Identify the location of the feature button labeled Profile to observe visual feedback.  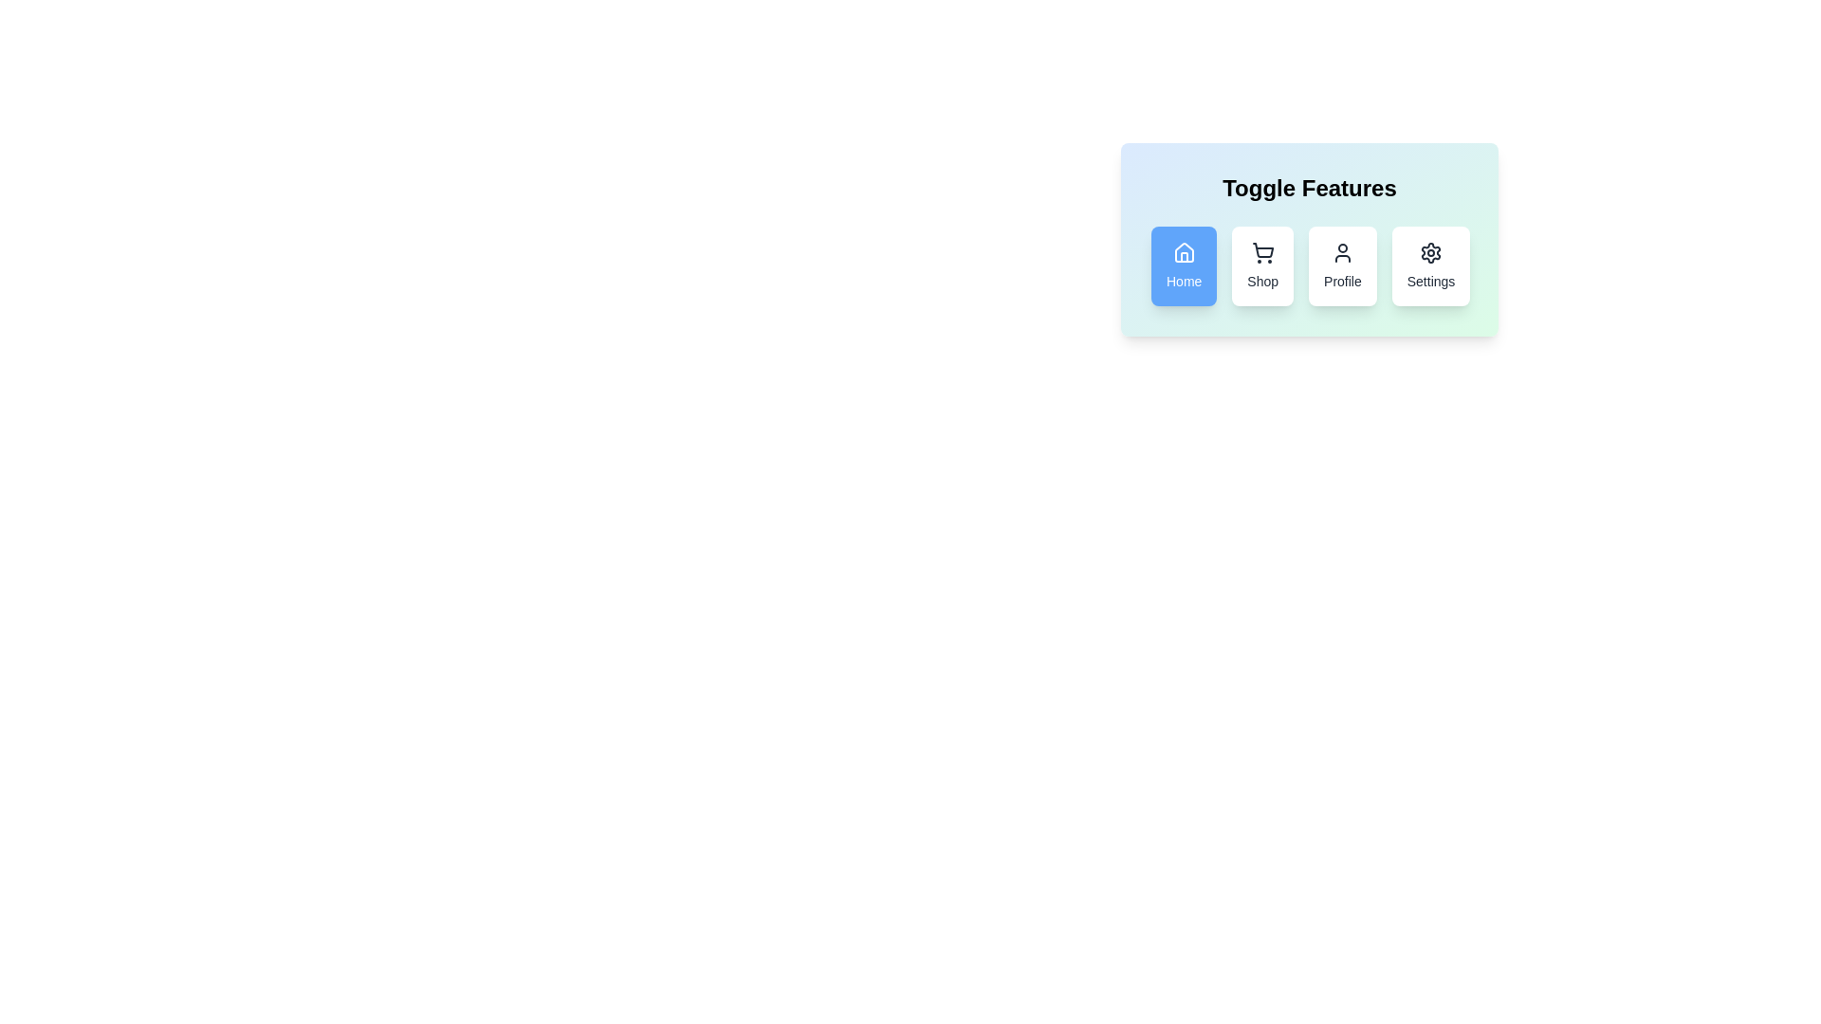
(1342, 266).